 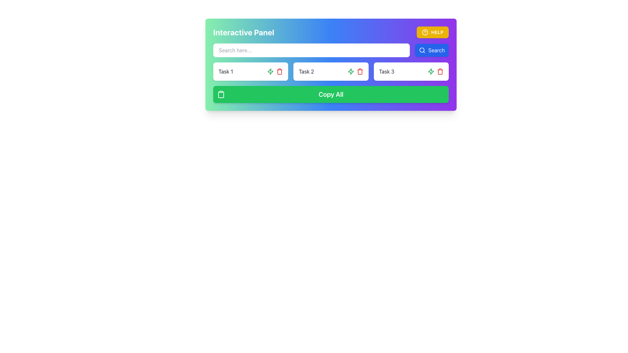 I want to click on the clipboard icon located at the left end of the 'Copy All' button section in the green panel at the lower part of the interface, so click(x=221, y=94).